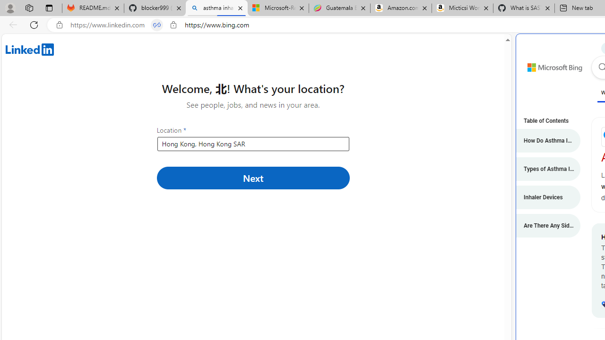 This screenshot has height=340, width=605. I want to click on 'Tabs in split screen', so click(157, 25).